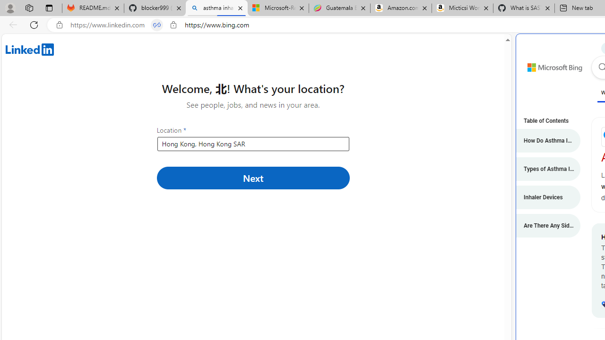 This screenshot has height=340, width=605. I want to click on 'Tabs in split screen', so click(157, 25).